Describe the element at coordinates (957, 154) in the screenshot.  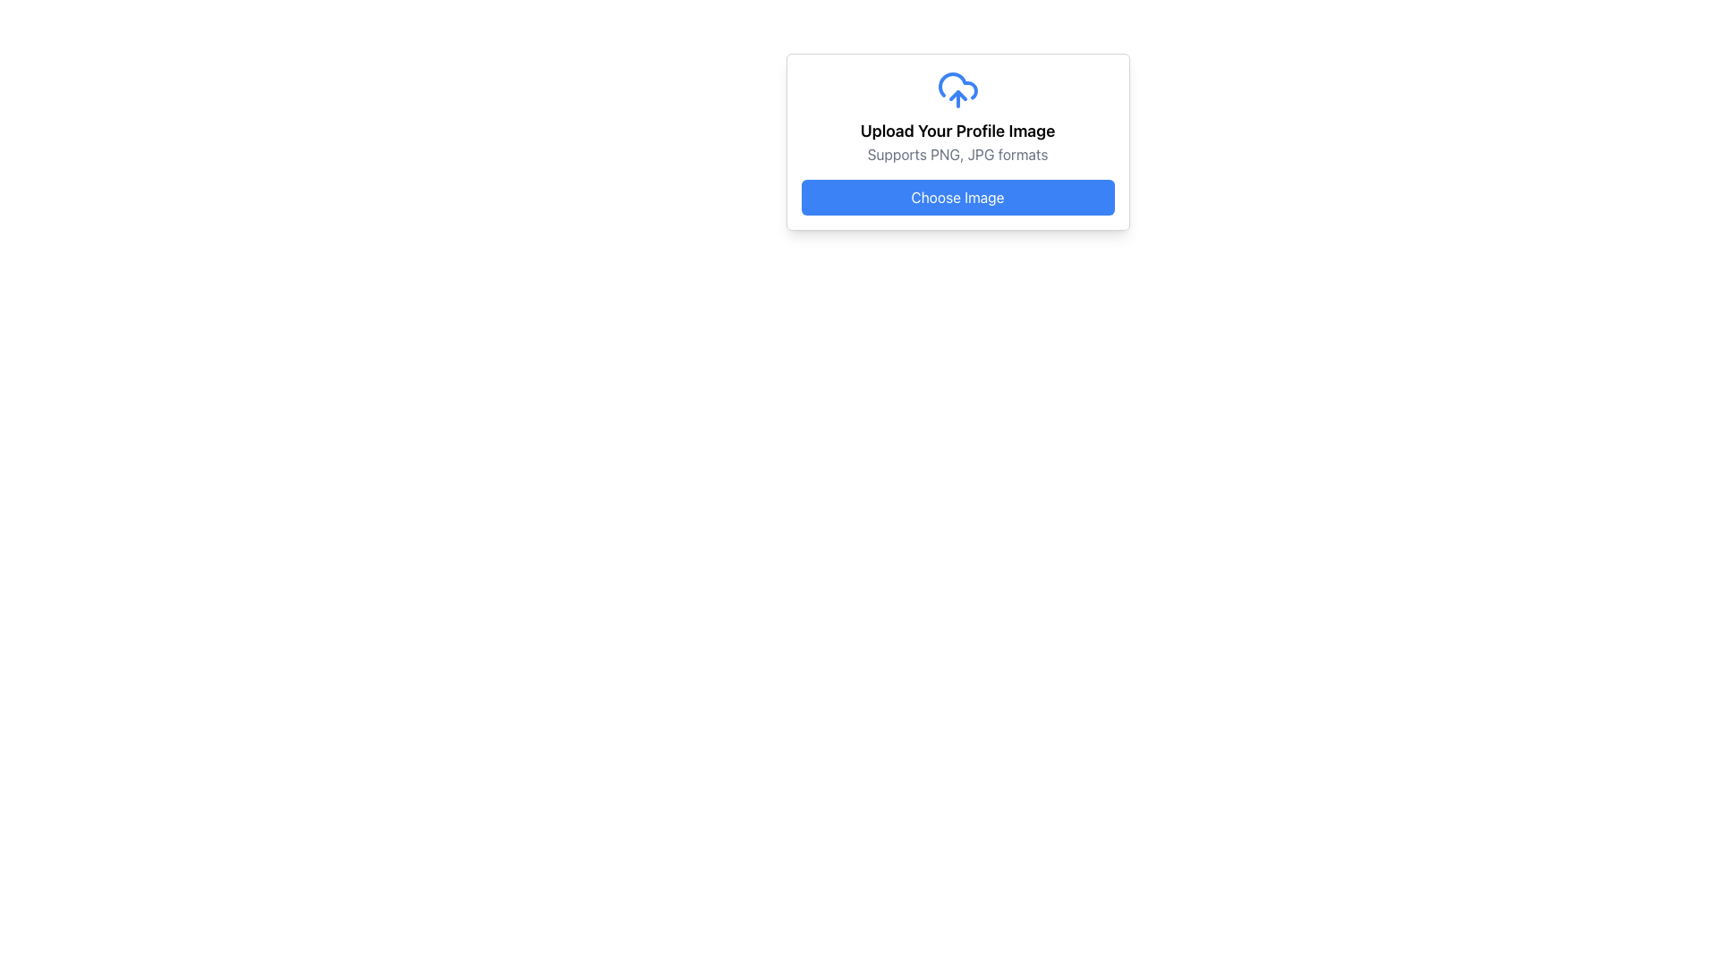
I see `the text label that reads 'Supports PNG, JPG formats', which is located directly below the heading 'Upload Your Profile Image'` at that location.